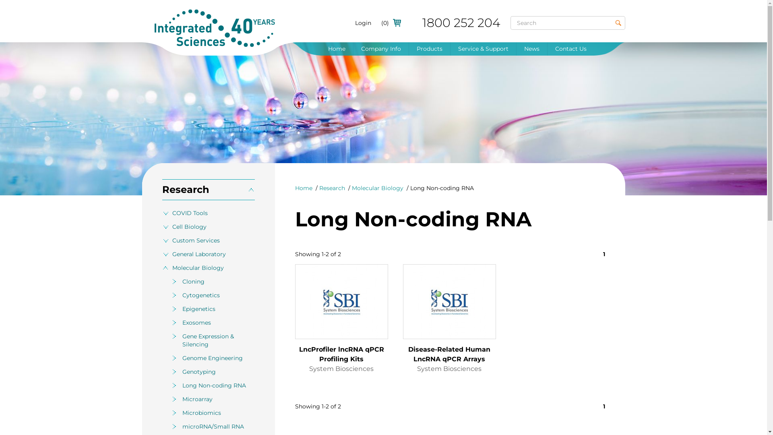 The image size is (773, 435). What do you see at coordinates (218, 340) in the screenshot?
I see `'Gene Expression & Silencing'` at bounding box center [218, 340].